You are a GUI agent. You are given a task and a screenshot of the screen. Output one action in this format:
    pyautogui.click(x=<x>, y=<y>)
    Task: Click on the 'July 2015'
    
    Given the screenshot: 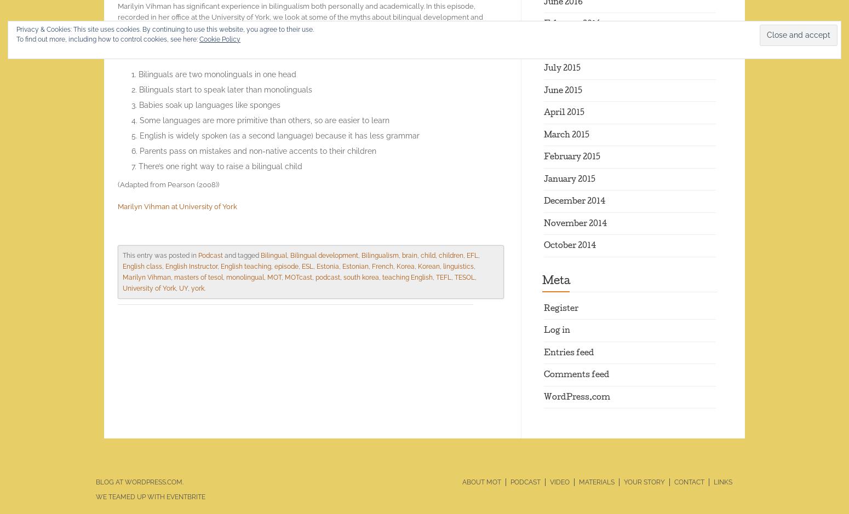 What is the action you would take?
    pyautogui.click(x=543, y=68)
    